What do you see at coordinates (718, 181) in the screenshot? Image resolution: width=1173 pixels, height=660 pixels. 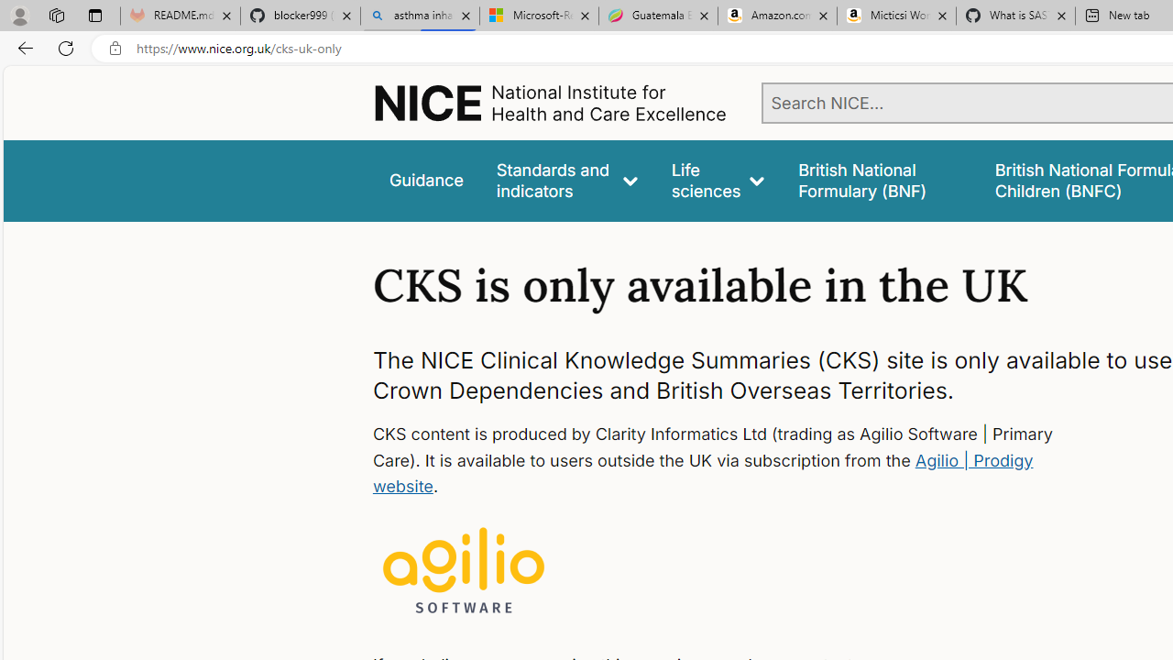 I see `'Life sciences'` at bounding box center [718, 181].